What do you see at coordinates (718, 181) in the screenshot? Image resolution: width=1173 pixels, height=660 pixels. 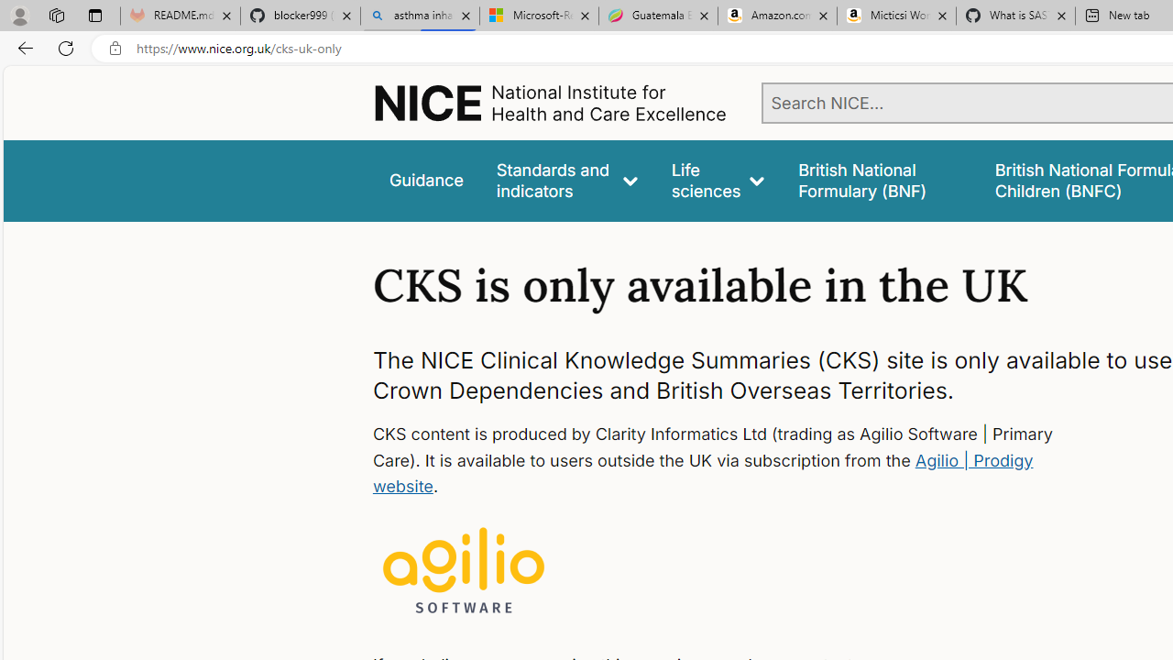 I see `'Life sciences'` at bounding box center [718, 181].